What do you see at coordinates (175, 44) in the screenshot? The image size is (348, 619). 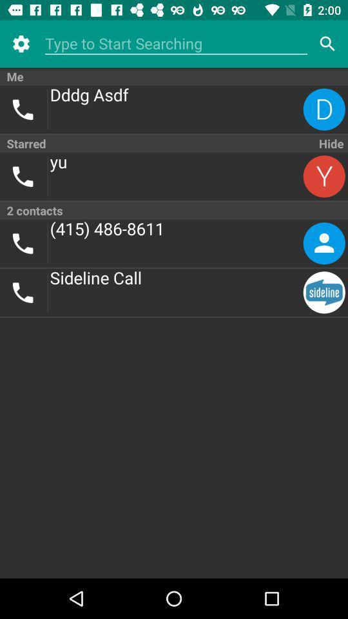 I see `type to search contact list` at bounding box center [175, 44].